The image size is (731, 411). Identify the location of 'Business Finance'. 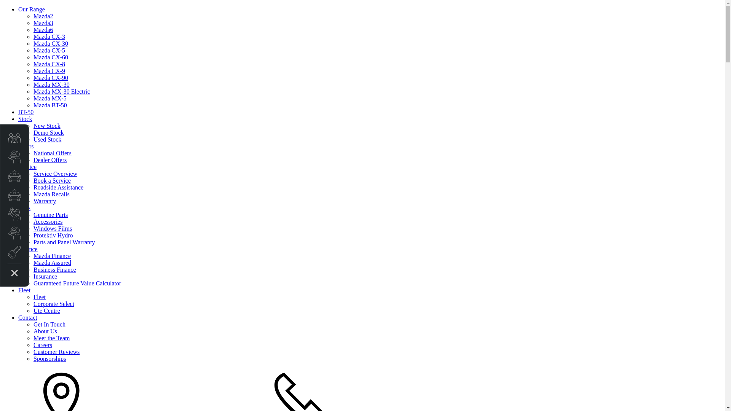
(54, 269).